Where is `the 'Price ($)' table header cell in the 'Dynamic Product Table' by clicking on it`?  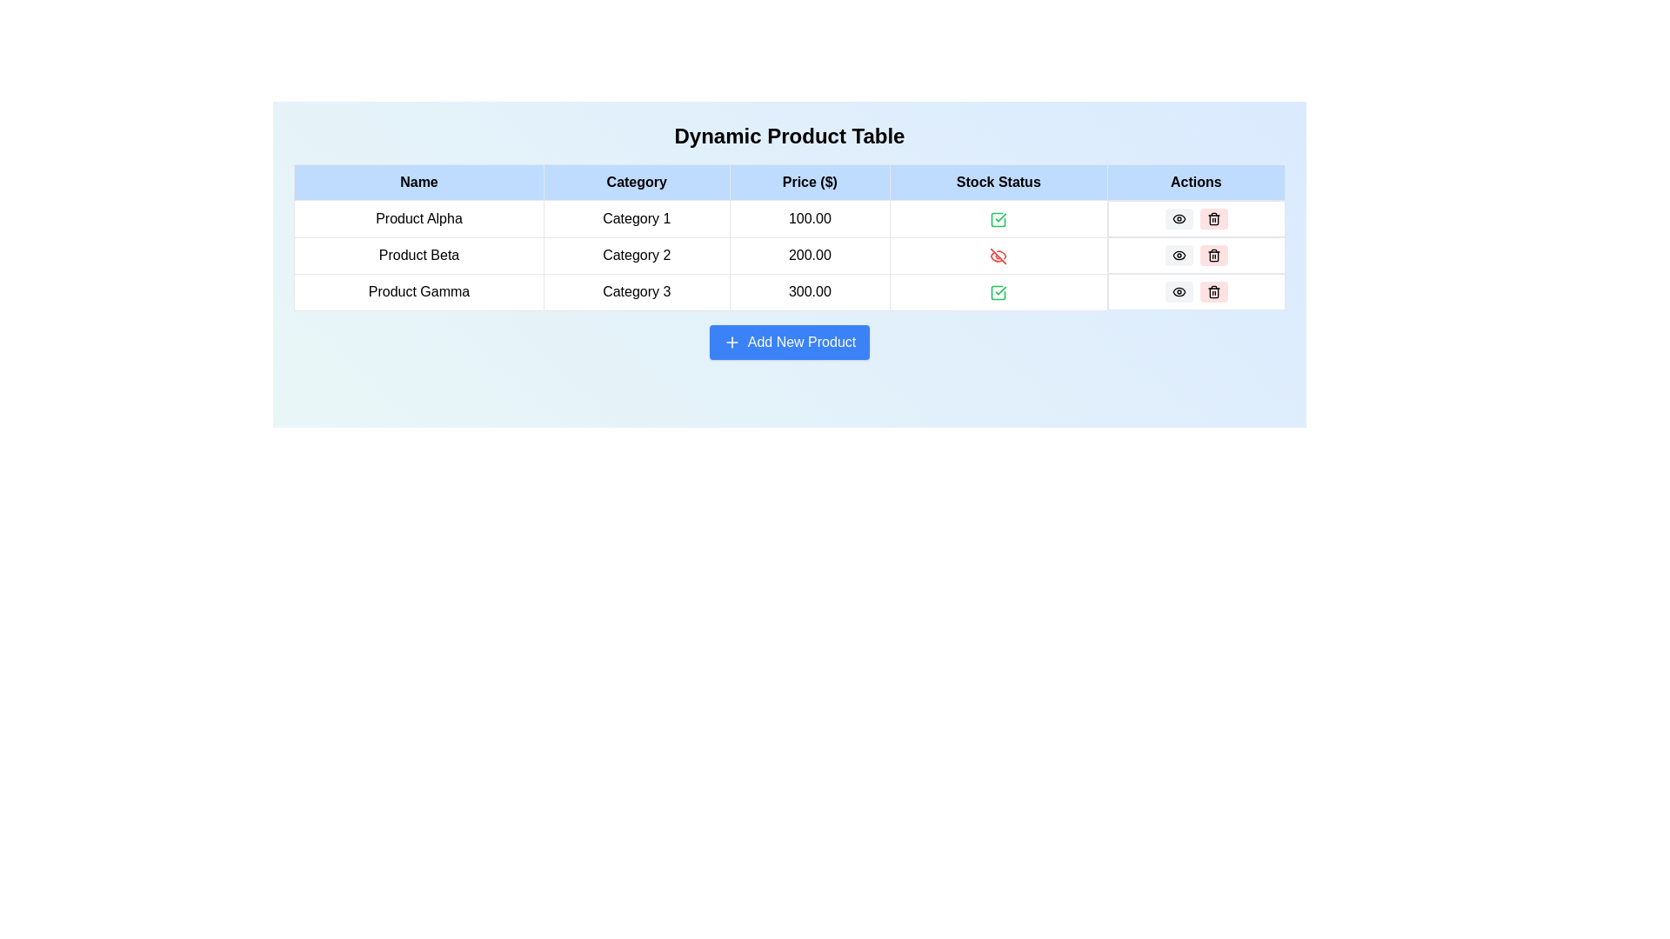
the 'Price ($)' table header cell in the 'Dynamic Product Table' by clicking on it is located at coordinates (809, 182).